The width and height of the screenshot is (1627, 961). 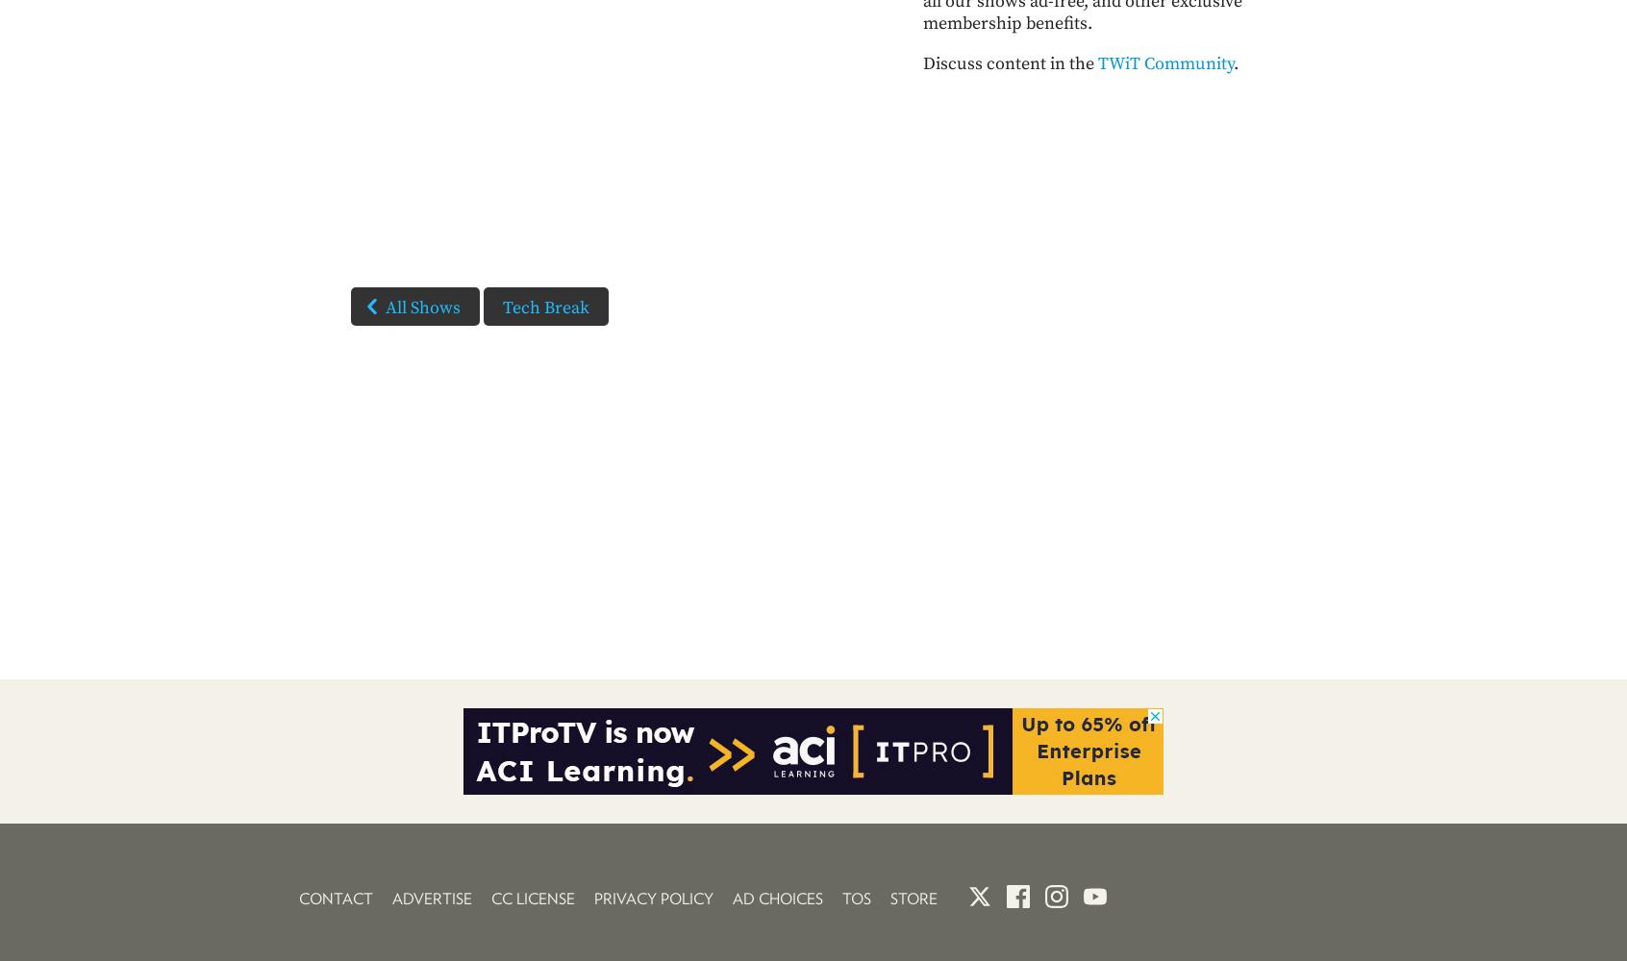 What do you see at coordinates (856, 899) in the screenshot?
I see `'TOS'` at bounding box center [856, 899].